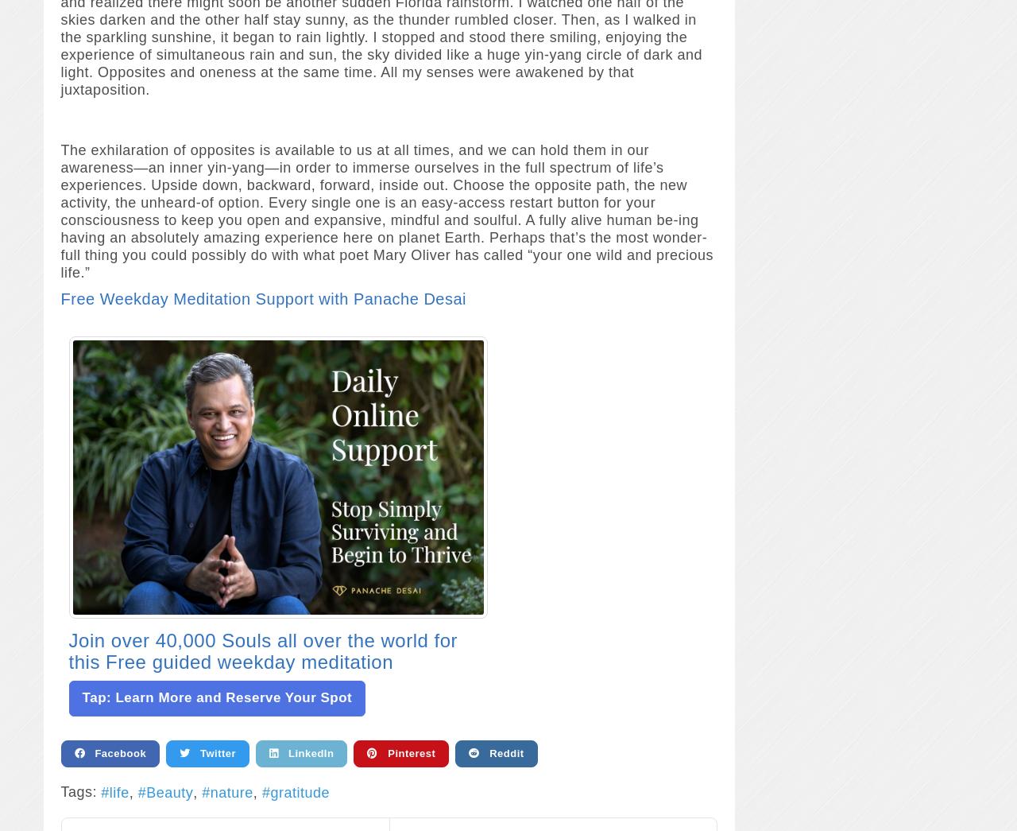  What do you see at coordinates (306, 751) in the screenshot?
I see `'LinkedIn'` at bounding box center [306, 751].